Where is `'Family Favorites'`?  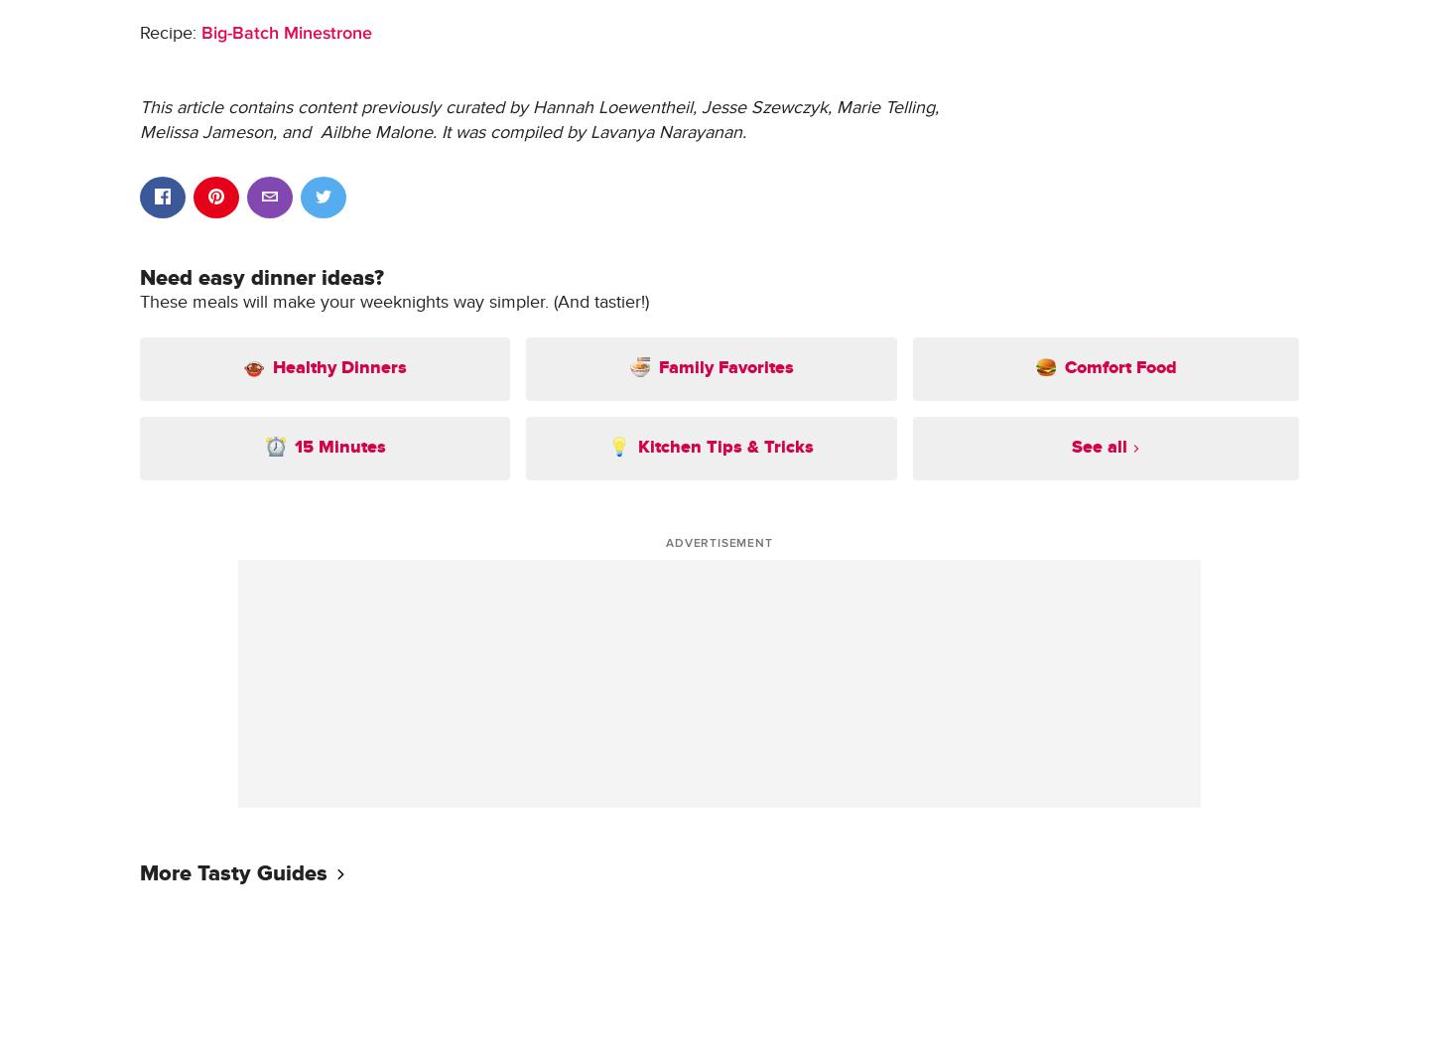
'Family Favorites' is located at coordinates (724, 368).